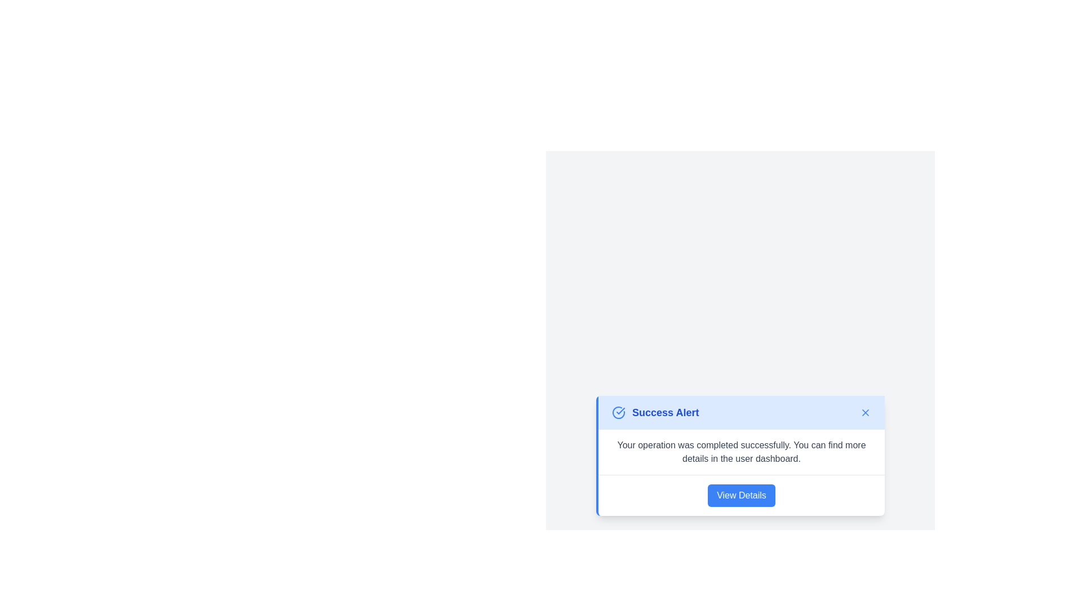  What do you see at coordinates (666, 412) in the screenshot?
I see `the 'Success Alert' text element styled in blue, bold font, which is located in the header region of the alert box` at bounding box center [666, 412].